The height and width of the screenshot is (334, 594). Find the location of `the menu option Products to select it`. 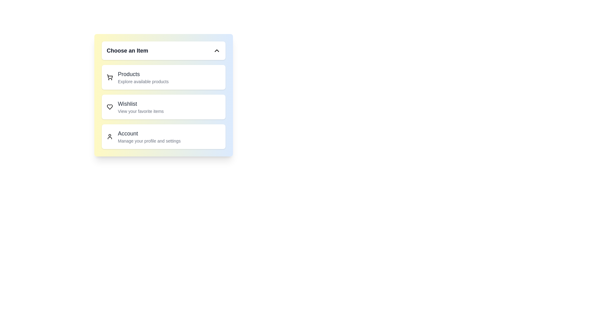

the menu option Products to select it is located at coordinates (163, 77).